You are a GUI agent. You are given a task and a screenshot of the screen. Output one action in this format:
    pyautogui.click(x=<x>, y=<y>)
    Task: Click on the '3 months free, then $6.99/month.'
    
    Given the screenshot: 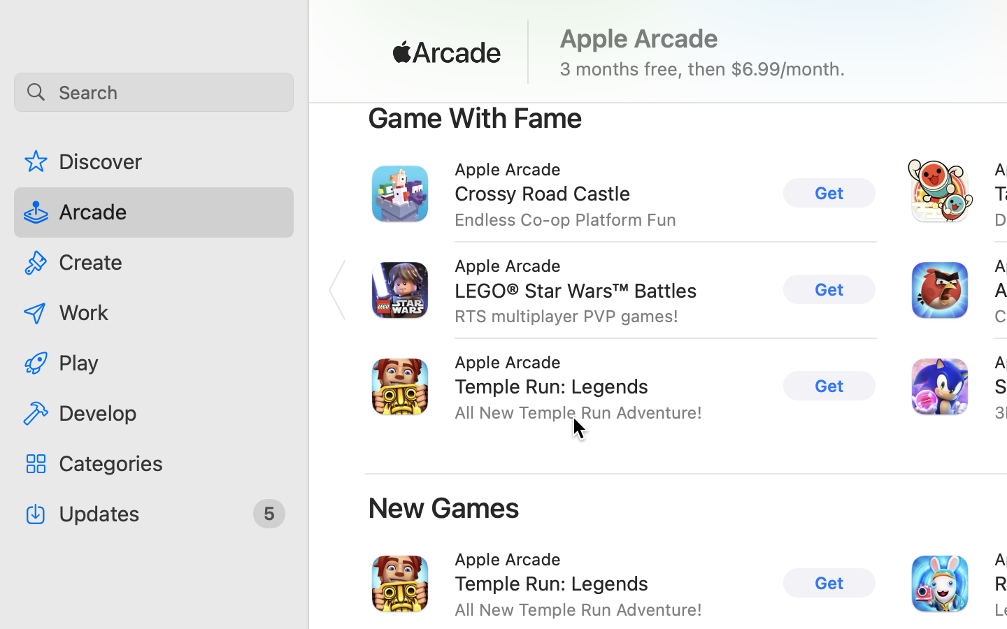 What is the action you would take?
    pyautogui.click(x=701, y=68)
    